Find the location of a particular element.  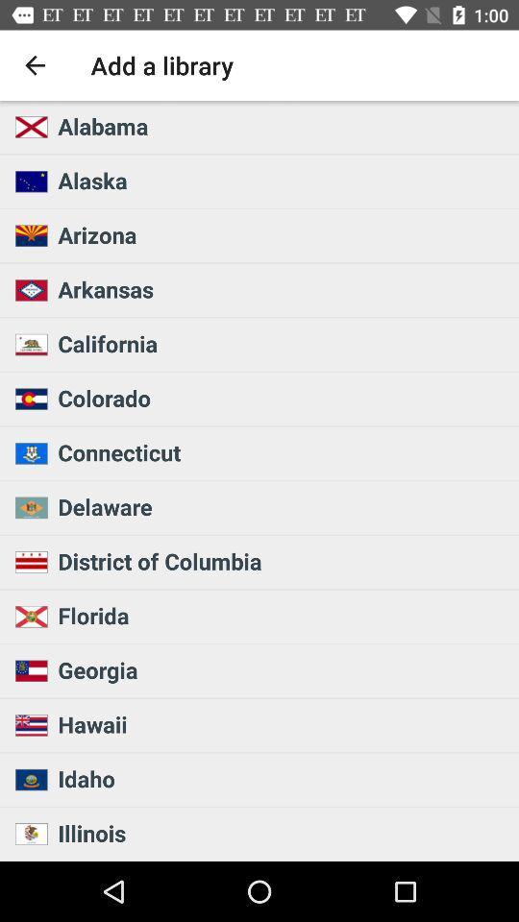

icon below arizona item is located at coordinates (282, 289).